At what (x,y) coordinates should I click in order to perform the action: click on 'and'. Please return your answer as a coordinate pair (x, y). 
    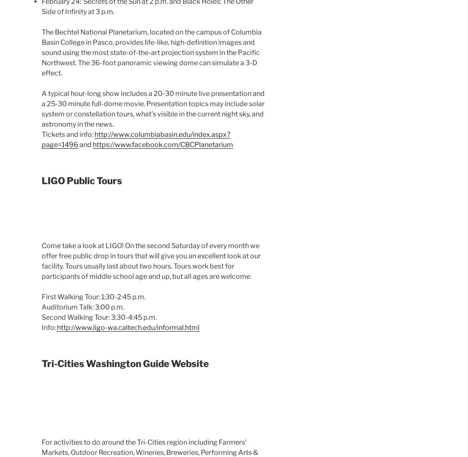
    Looking at the image, I should click on (85, 145).